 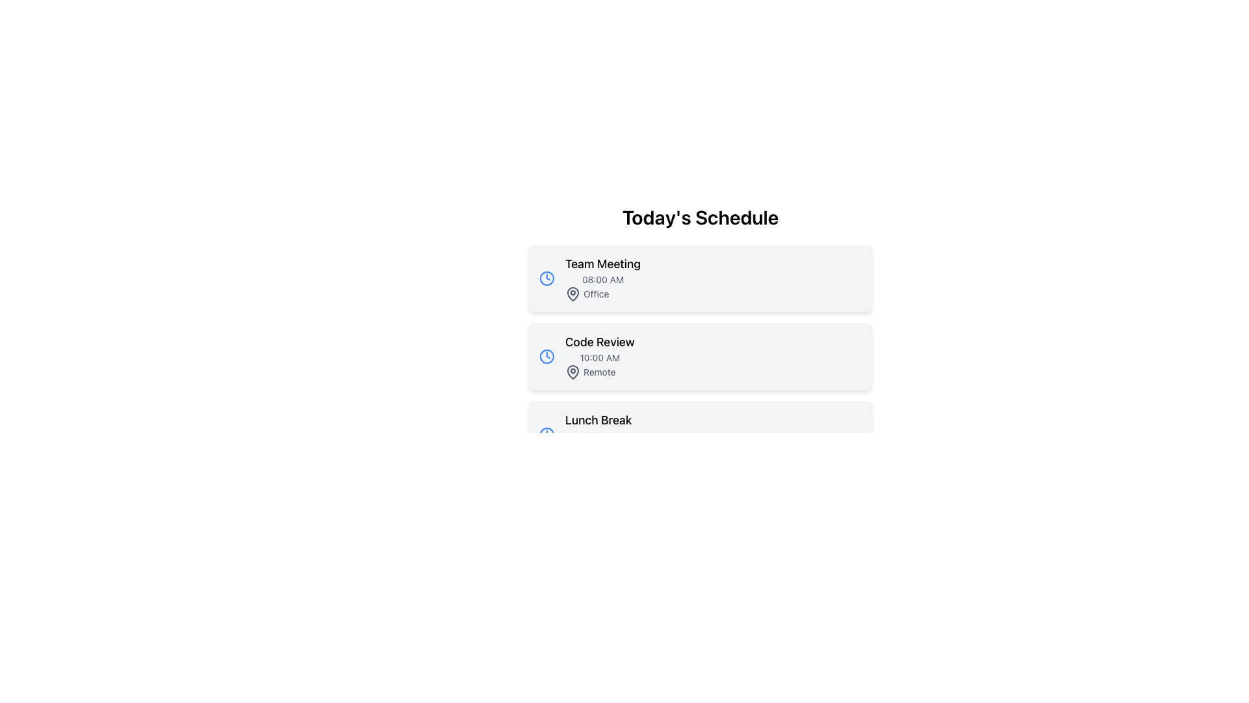 What do you see at coordinates (546, 356) in the screenshot?
I see `the graphical information of the clock icon located within the second event card titled 'Code Review' in today's schedule` at bounding box center [546, 356].